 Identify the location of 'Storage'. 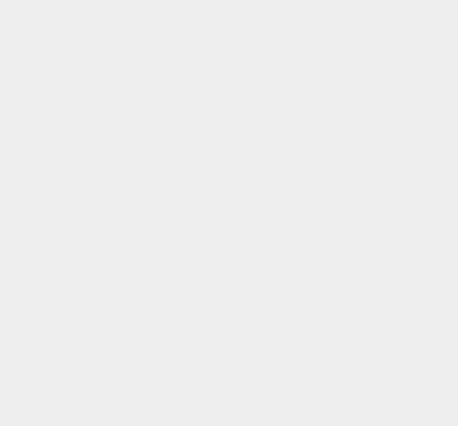
(333, 119).